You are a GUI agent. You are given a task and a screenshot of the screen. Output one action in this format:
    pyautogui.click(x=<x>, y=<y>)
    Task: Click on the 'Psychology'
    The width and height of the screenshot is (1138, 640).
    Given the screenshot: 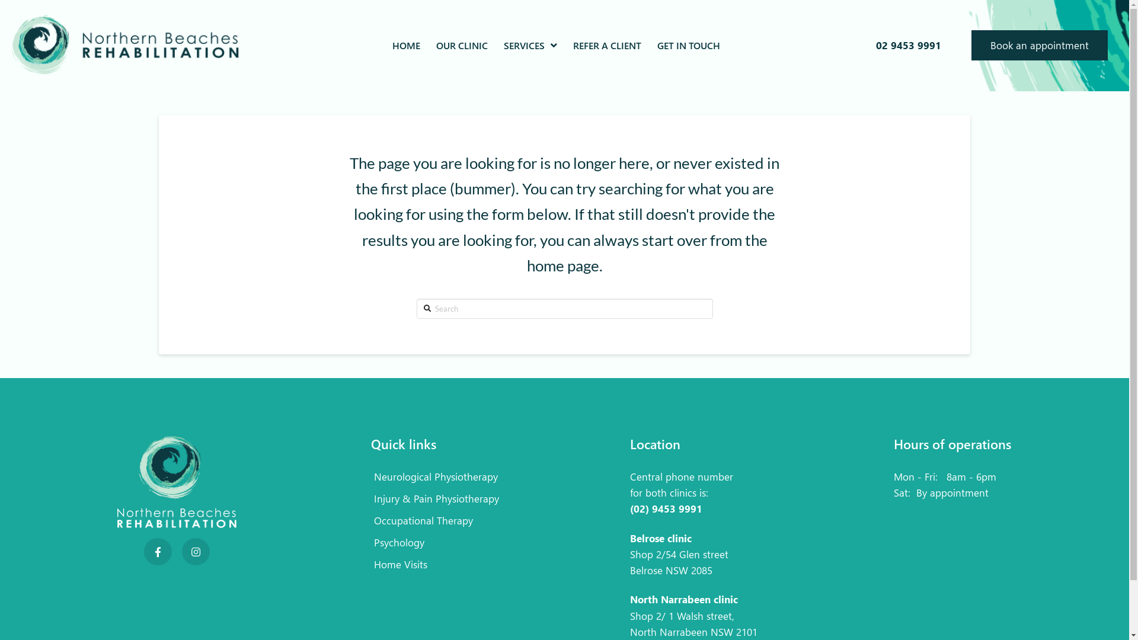 What is the action you would take?
    pyautogui.click(x=370, y=545)
    